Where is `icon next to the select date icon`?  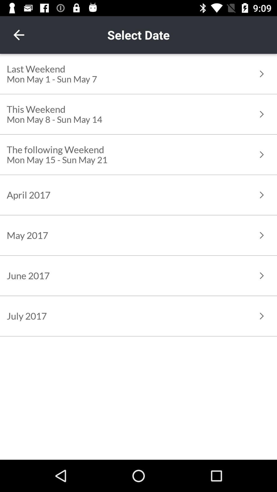
icon next to the select date icon is located at coordinates (18, 35).